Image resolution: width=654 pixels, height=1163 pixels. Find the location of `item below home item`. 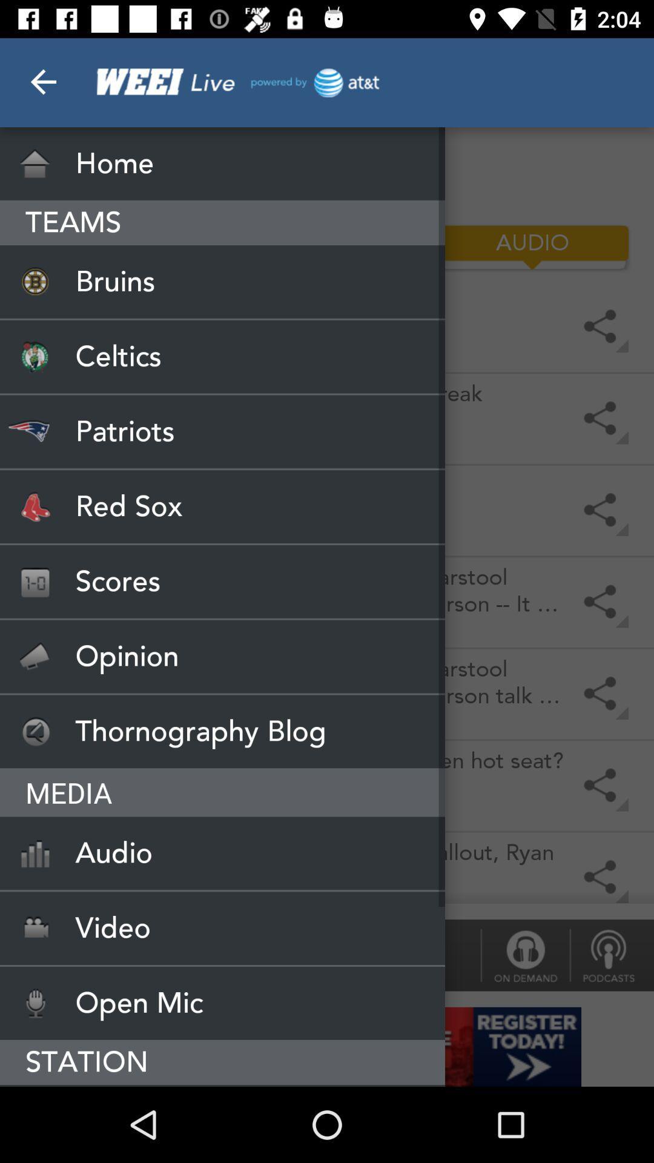

item below home item is located at coordinates (327, 247).